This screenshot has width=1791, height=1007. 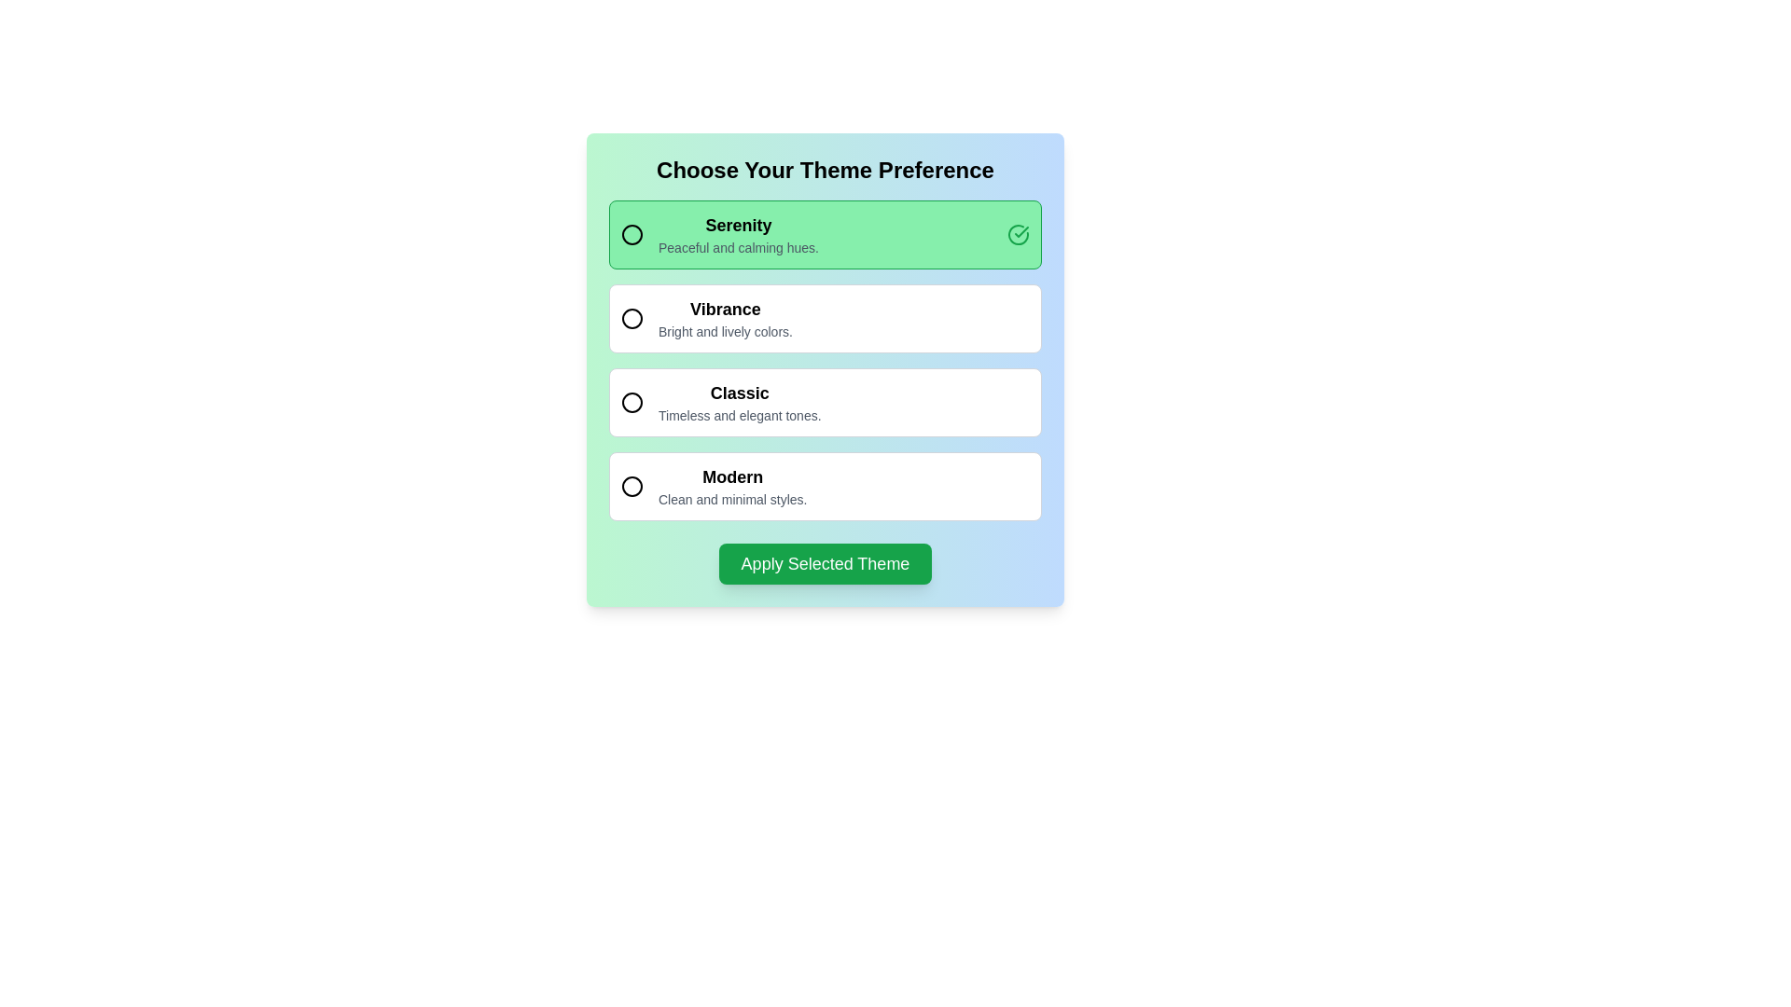 I want to click on the 'Modern' theme label text element, which is the fourth option in a vertical list of theme options, so click(x=731, y=476).